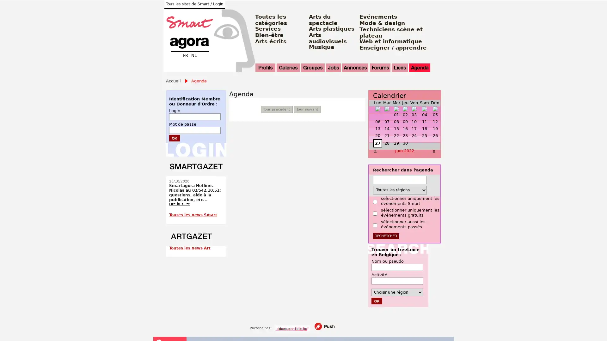  I want to click on Submit, so click(175, 137).